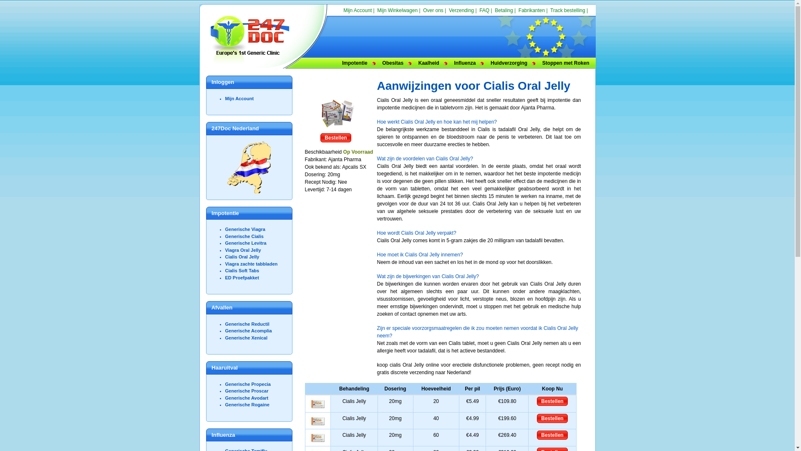 Image resolution: width=801 pixels, height=451 pixels. Describe the element at coordinates (246, 391) in the screenshot. I see `'Generische Proscar'` at that location.